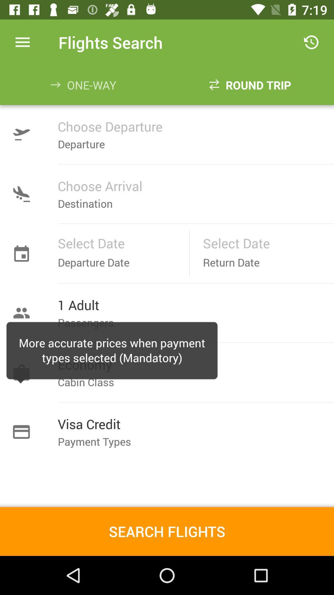 The height and width of the screenshot is (595, 334). I want to click on the menu icon, so click(22, 42).